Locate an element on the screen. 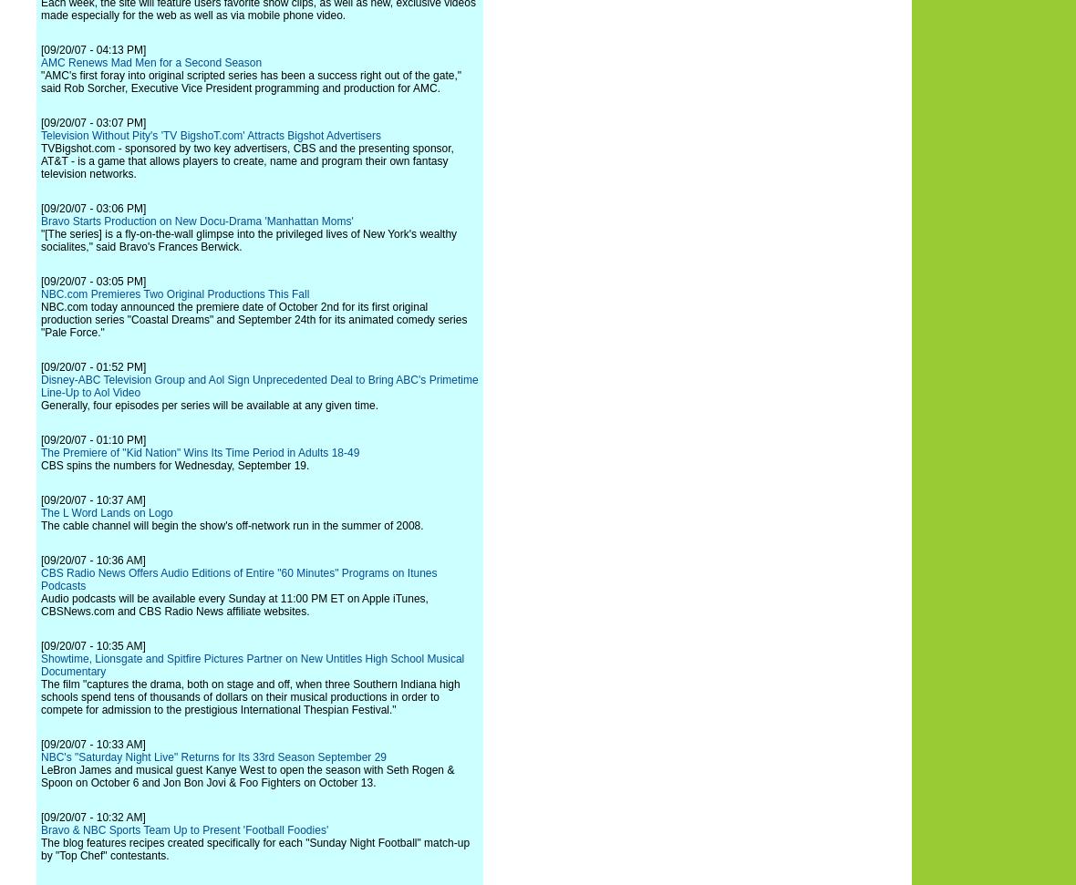  '[09/20/07 - 10:35 AM]' is located at coordinates (39, 645).